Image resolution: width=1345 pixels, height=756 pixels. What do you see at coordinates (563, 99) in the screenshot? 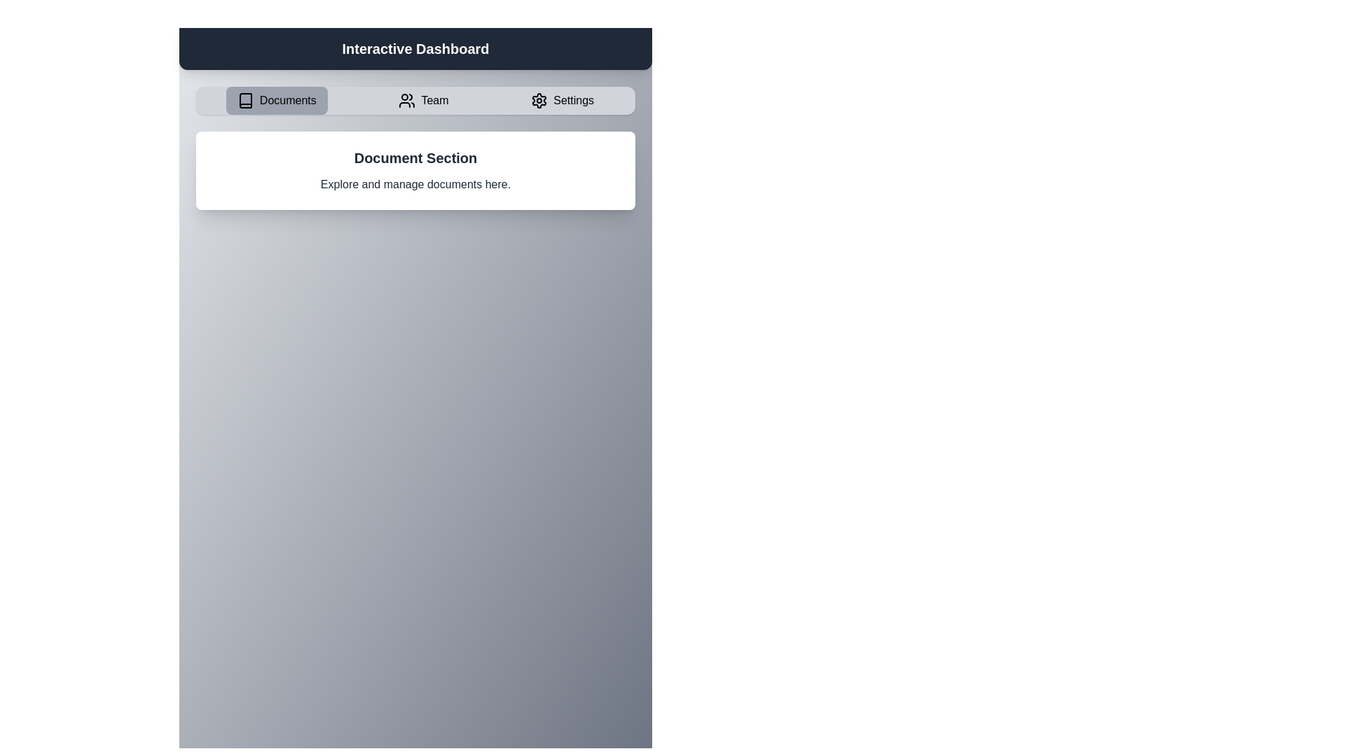
I see `the 'Settings' button, which is the third button in the navigation bar with a cogwheel icon and light gray background` at bounding box center [563, 99].